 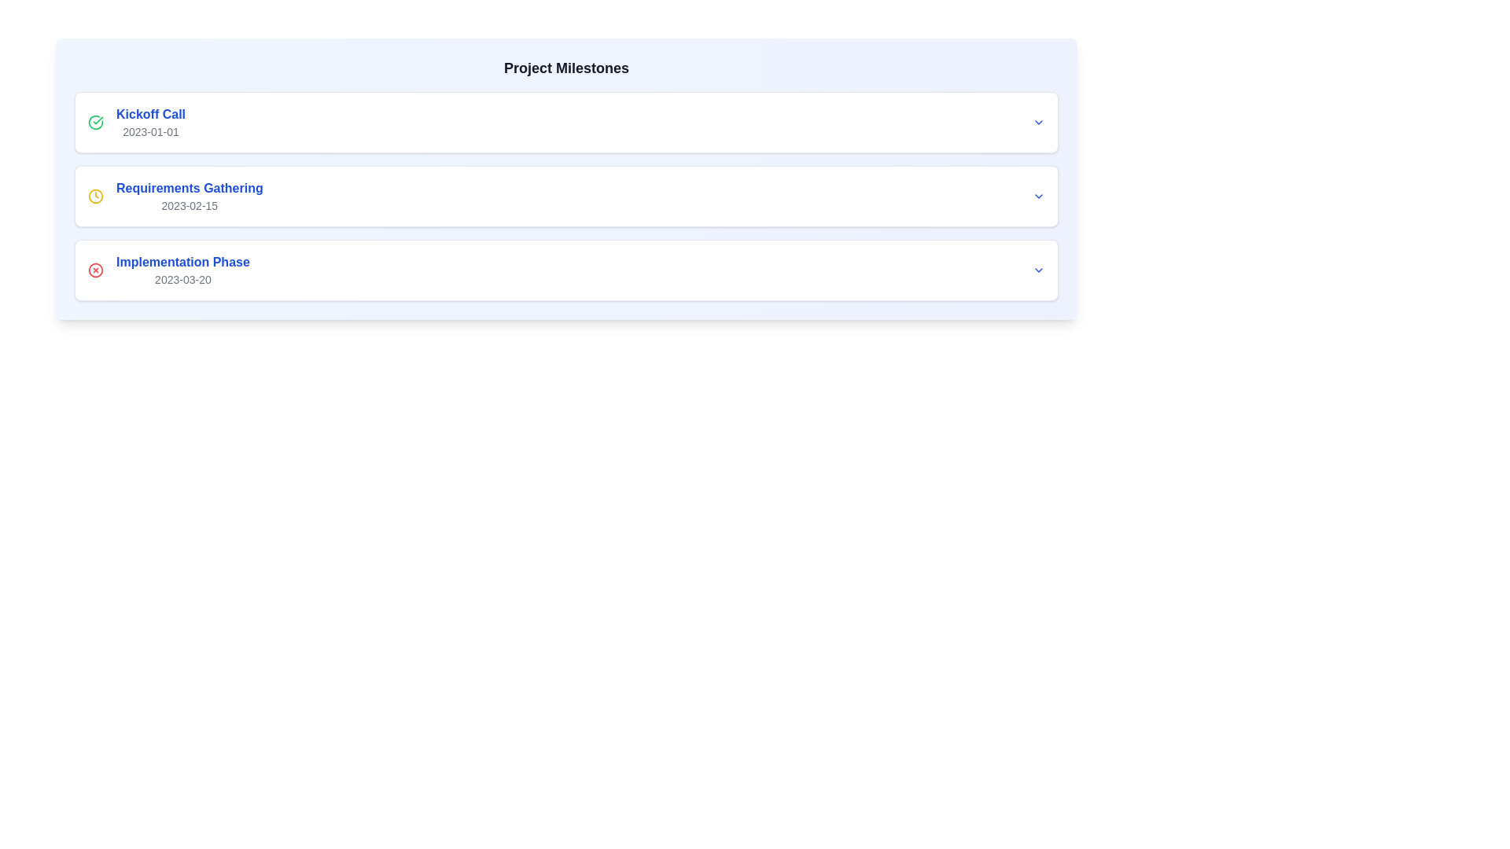 What do you see at coordinates (94, 121) in the screenshot?
I see `the icon that indicates the completion of the 'Kickoff Call' milestone, located at the start of the first row of project milestones, to the left of the text 'Kickoff Call'` at bounding box center [94, 121].